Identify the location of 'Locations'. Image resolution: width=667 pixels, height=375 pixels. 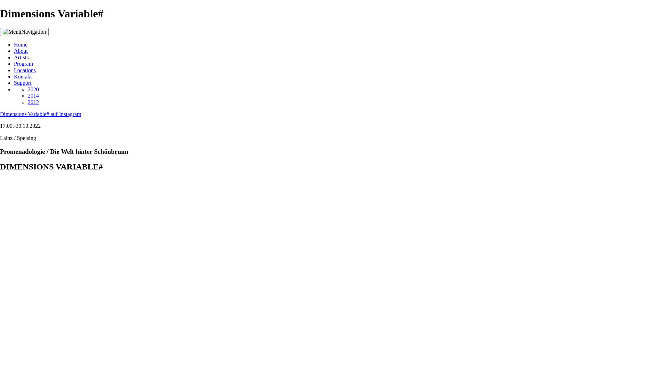
(25, 70).